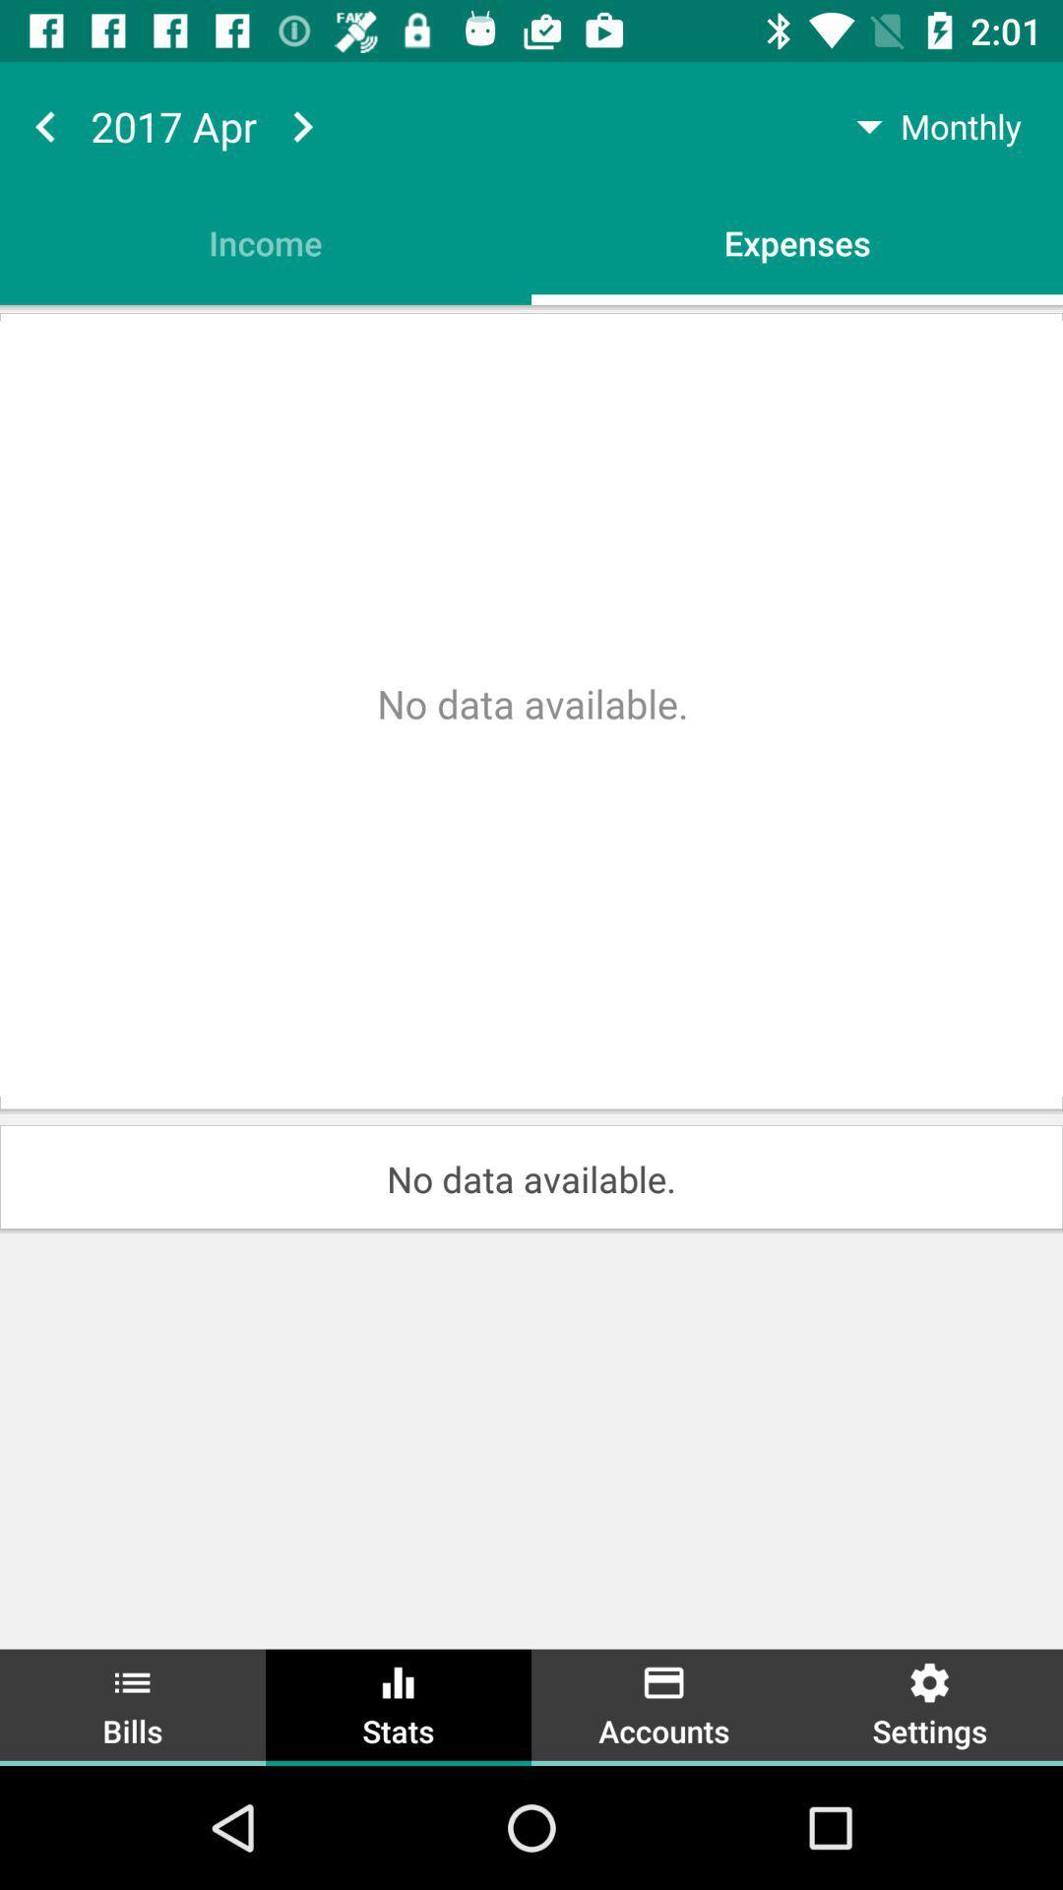  I want to click on the arrow_backward icon, so click(44, 125).